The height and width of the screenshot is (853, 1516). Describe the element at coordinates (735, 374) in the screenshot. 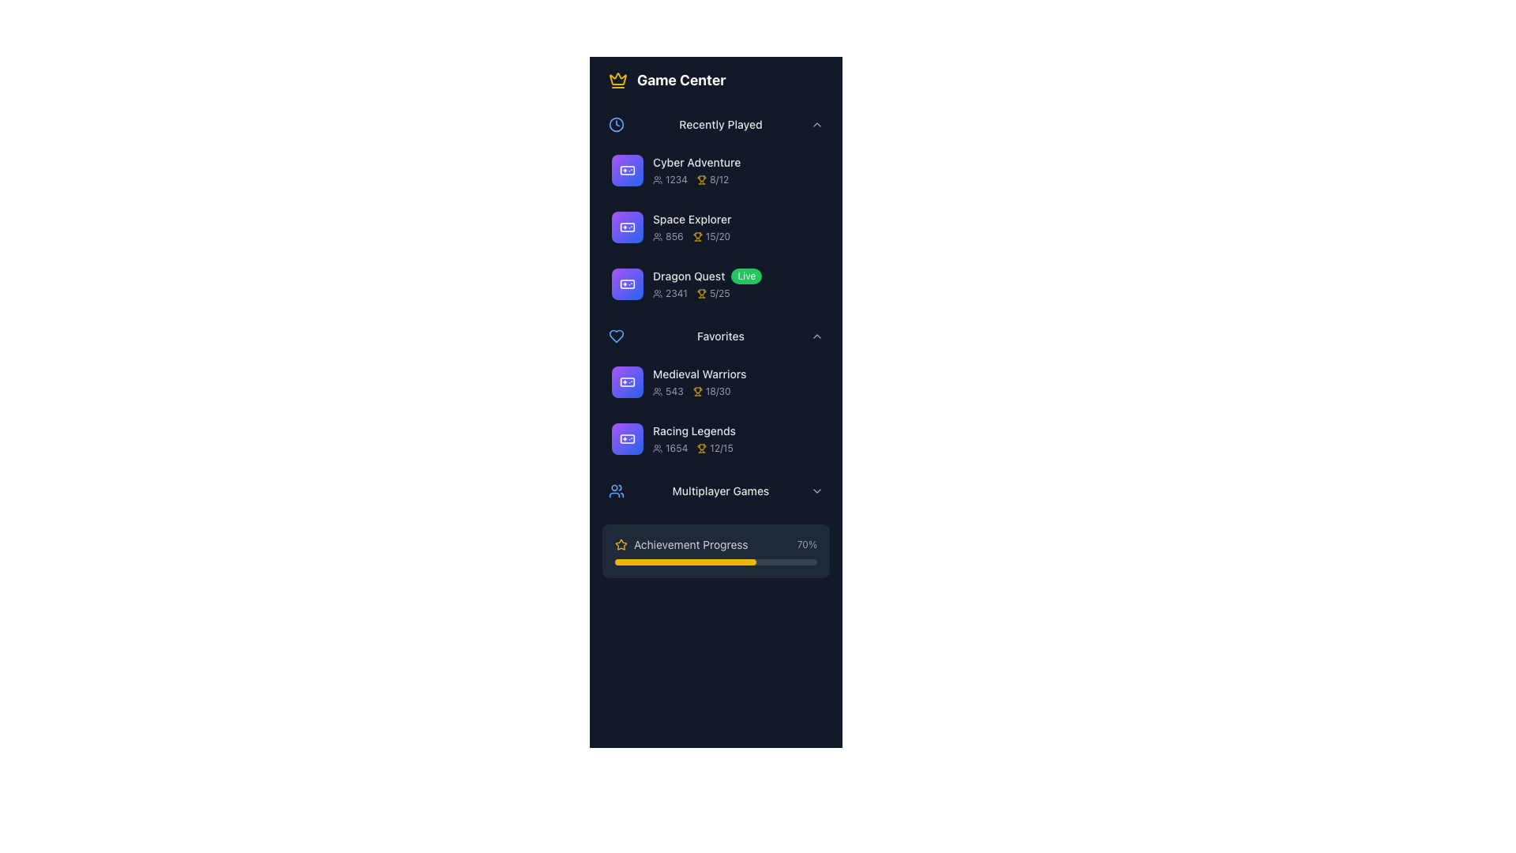

I see `text label displaying 'Medieval Warriors' located in the 'Favorites' section of the 'Game Center' interface` at that location.